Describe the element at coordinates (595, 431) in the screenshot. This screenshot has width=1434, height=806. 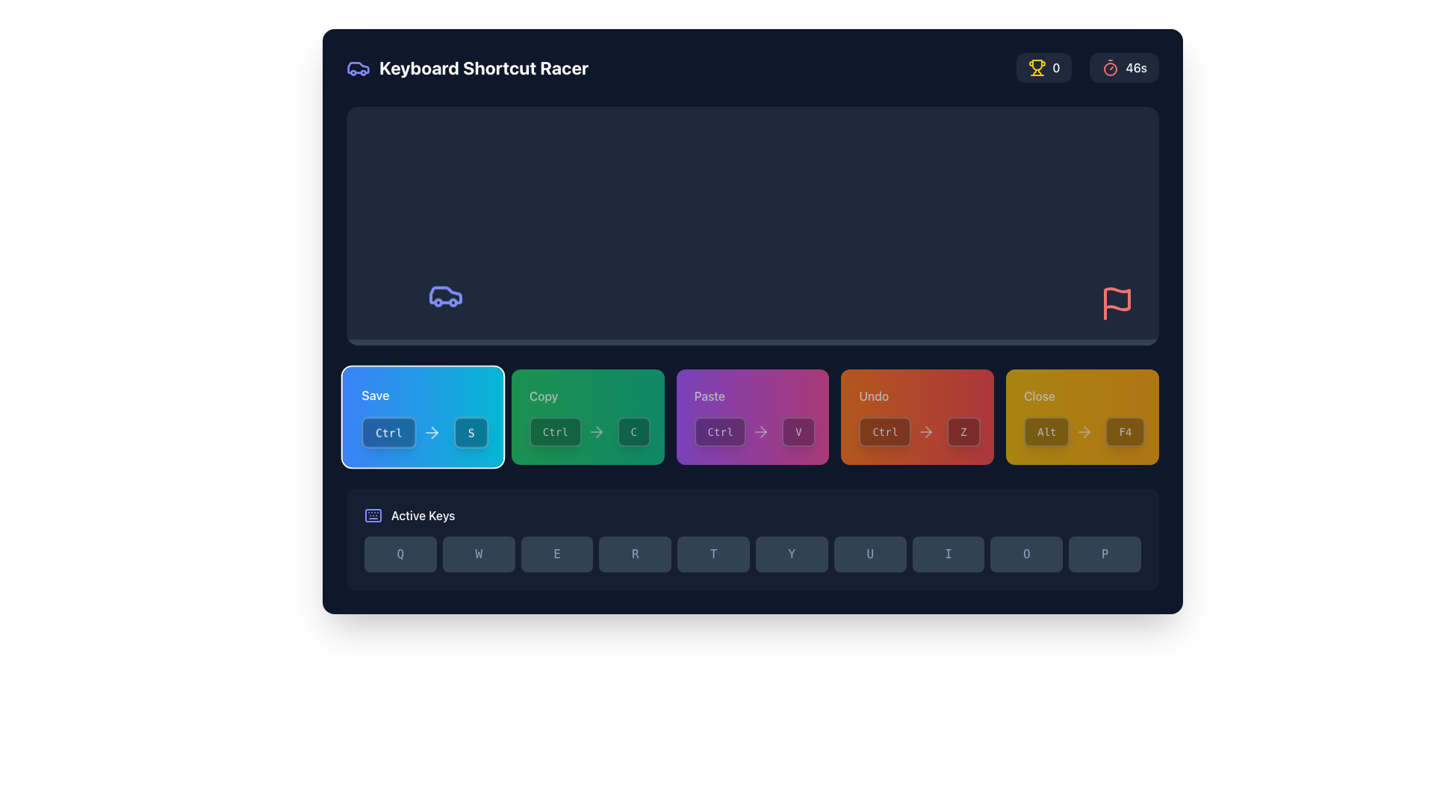
I see `the small rightward arrow icon with a green background and white outline, located between the 'Ctrl' text and the 'C' text in the 'Copy' button` at that location.